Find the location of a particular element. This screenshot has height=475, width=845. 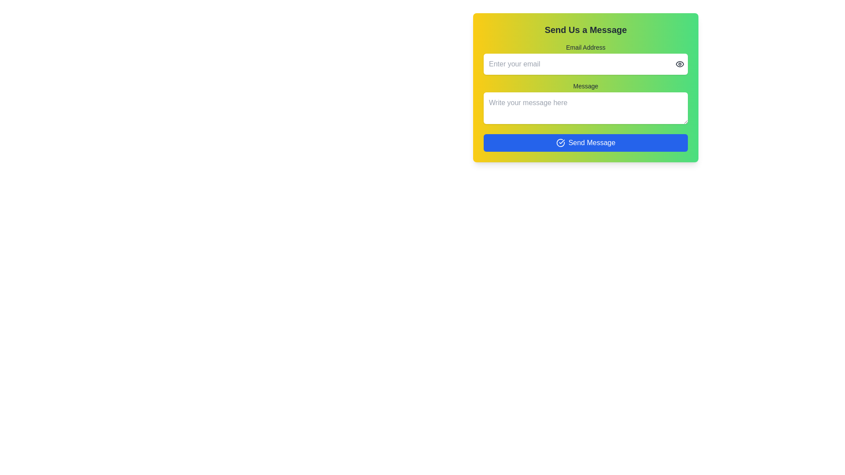

the icon indicating the action to send a message, located to the left of the 'Send Message' text on the blue button at the bottom of the form is located at coordinates (560, 142).